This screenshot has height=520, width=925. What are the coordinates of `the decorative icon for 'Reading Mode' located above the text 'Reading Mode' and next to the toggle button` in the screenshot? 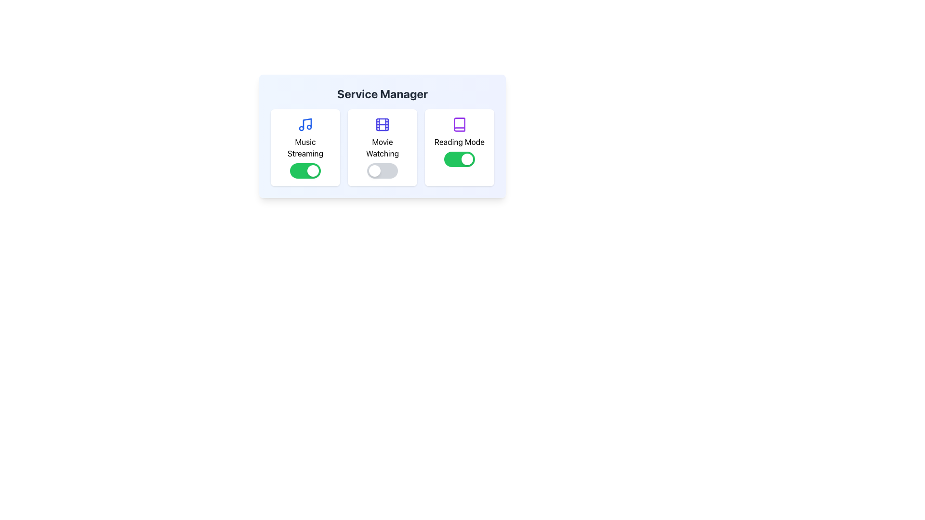 It's located at (459, 124).